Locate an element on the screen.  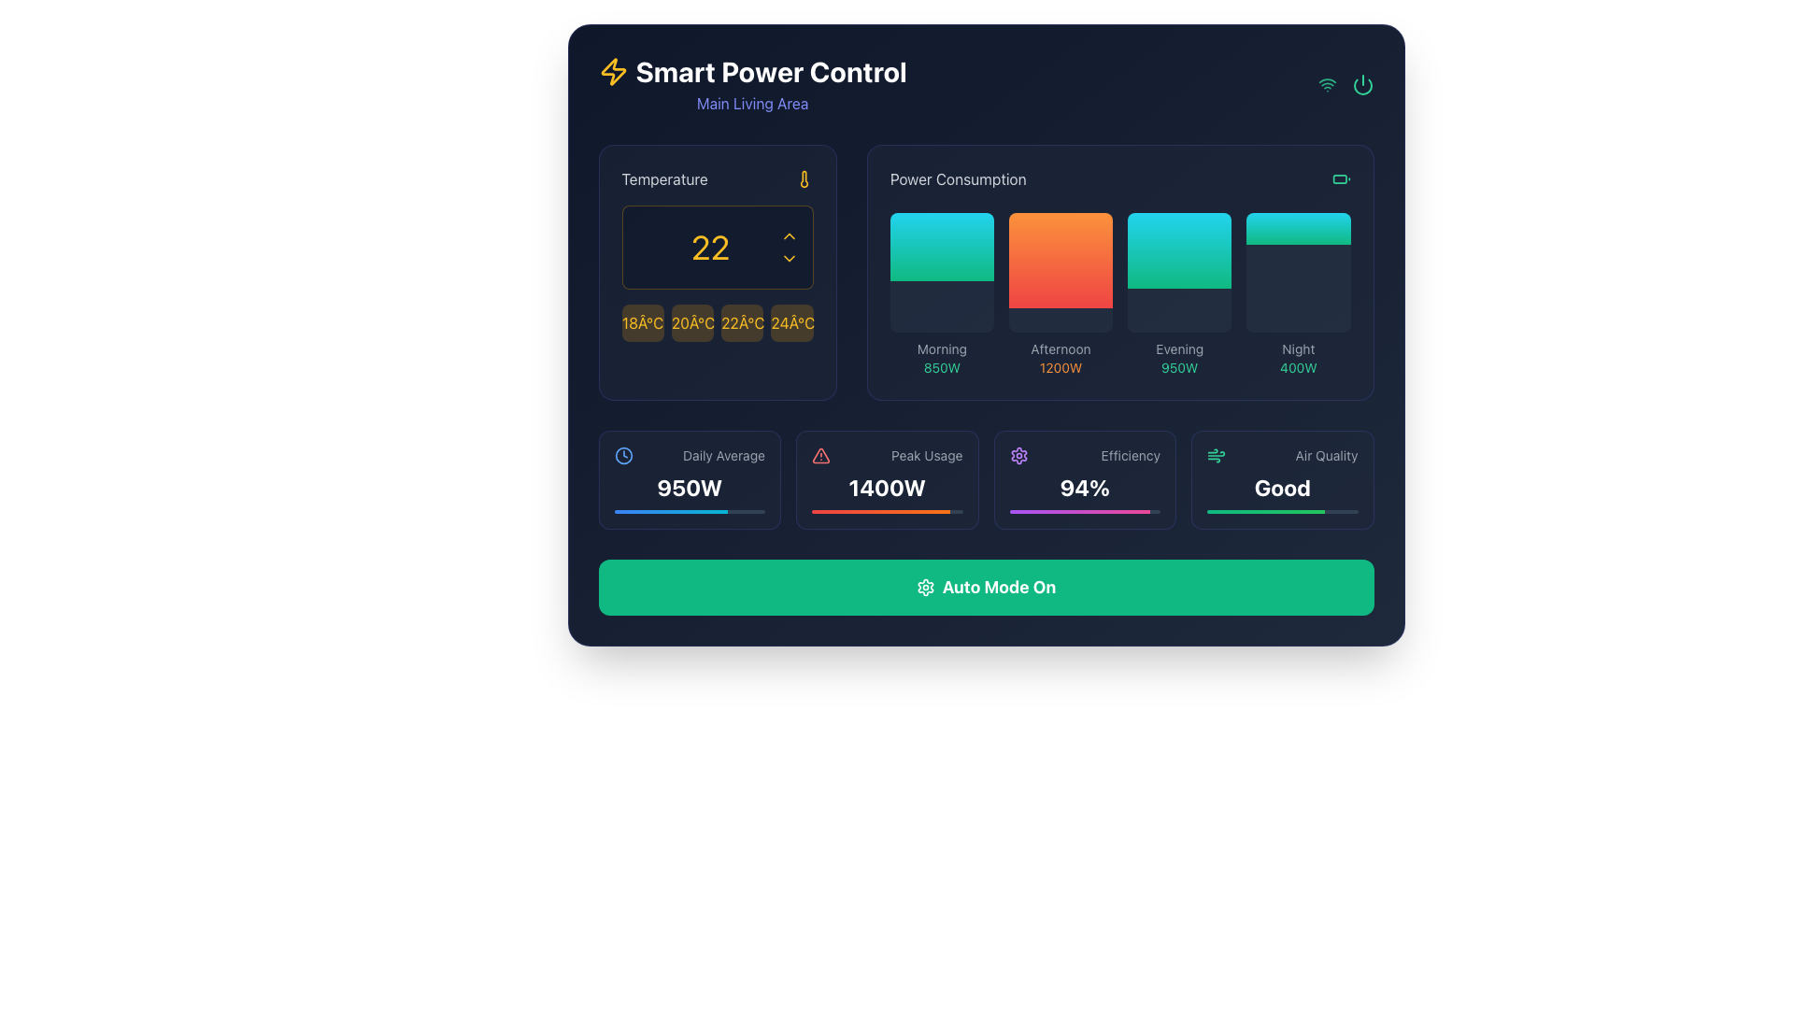
the bright amber lightning bolt icon located at the top left corner of the interactive panel, preceding the 'Smart Power Control' heading is located at coordinates (613, 71).